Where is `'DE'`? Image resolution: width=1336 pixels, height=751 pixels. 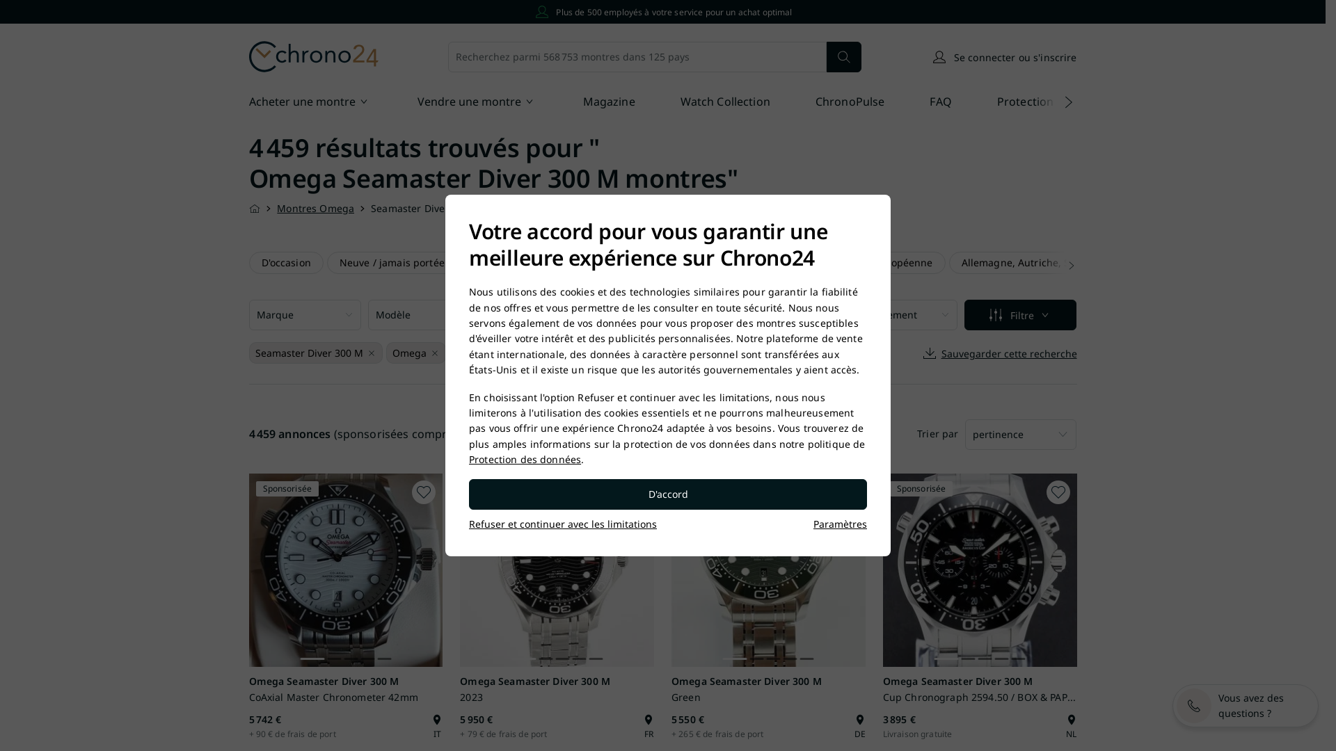
'DE' is located at coordinates (854, 725).